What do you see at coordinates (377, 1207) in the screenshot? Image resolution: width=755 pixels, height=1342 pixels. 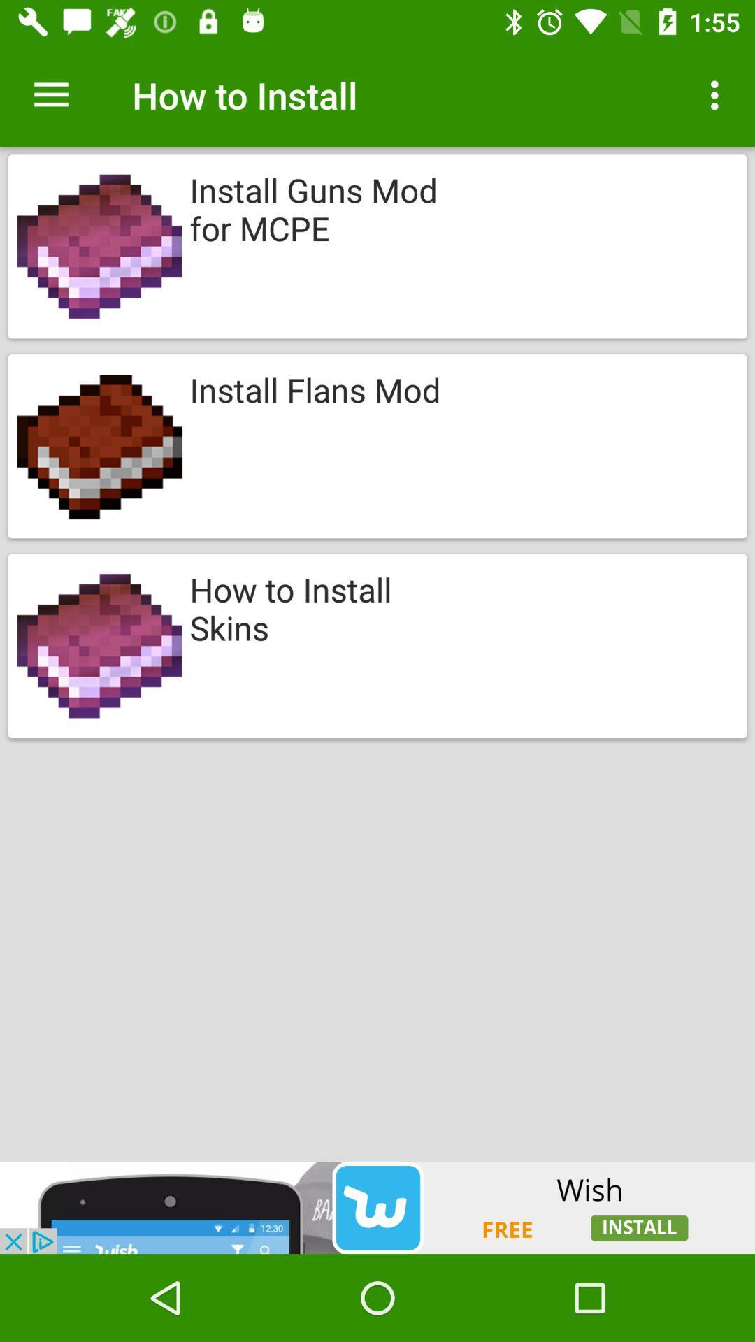 I see `get the wish ap` at bounding box center [377, 1207].